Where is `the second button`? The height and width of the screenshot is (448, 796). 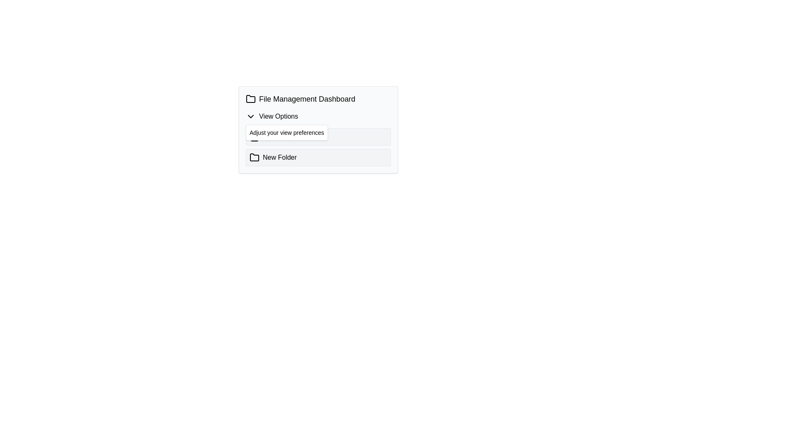 the second button is located at coordinates (318, 158).